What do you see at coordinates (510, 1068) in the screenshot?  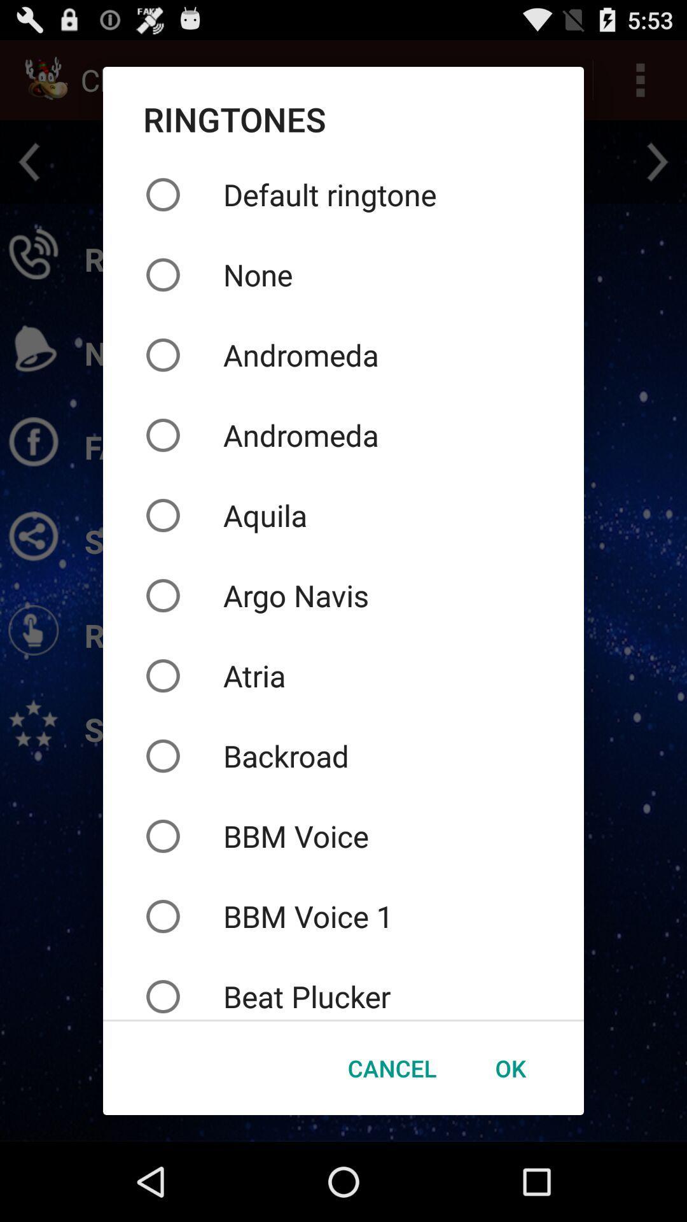 I see `the icon below beat plucker icon` at bounding box center [510, 1068].